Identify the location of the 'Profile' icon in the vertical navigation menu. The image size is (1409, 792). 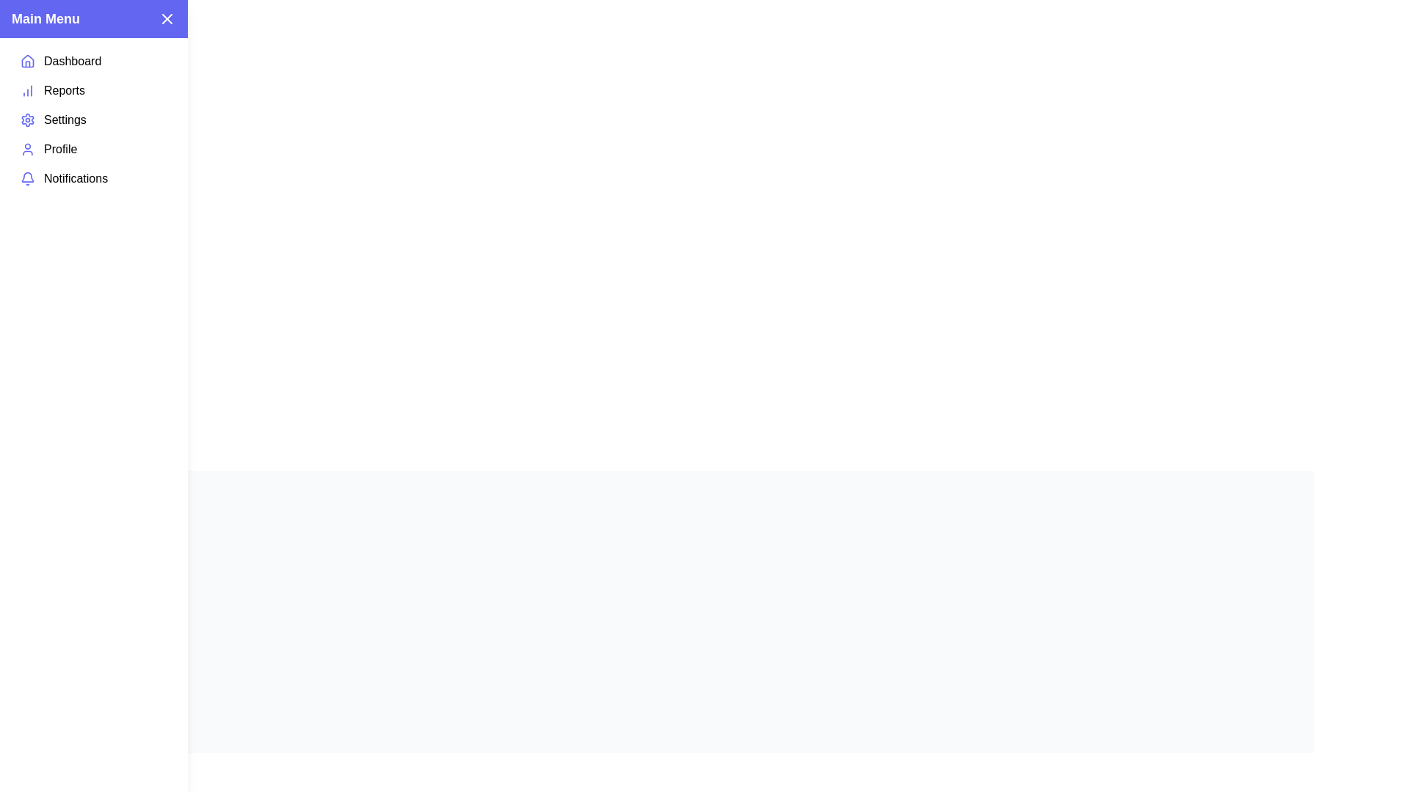
(28, 150).